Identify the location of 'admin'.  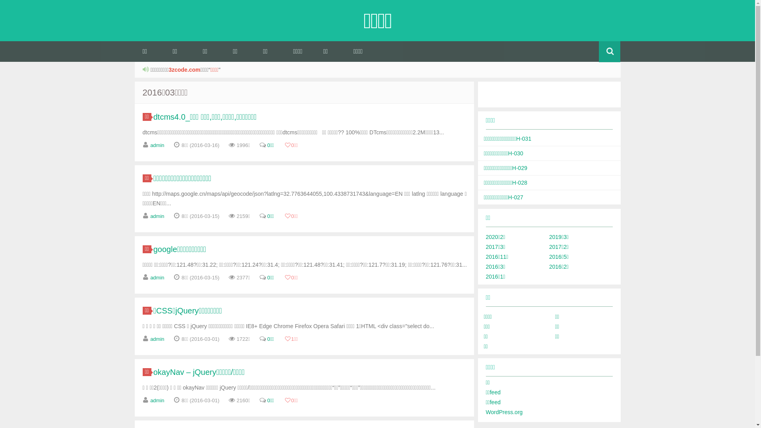
(157, 145).